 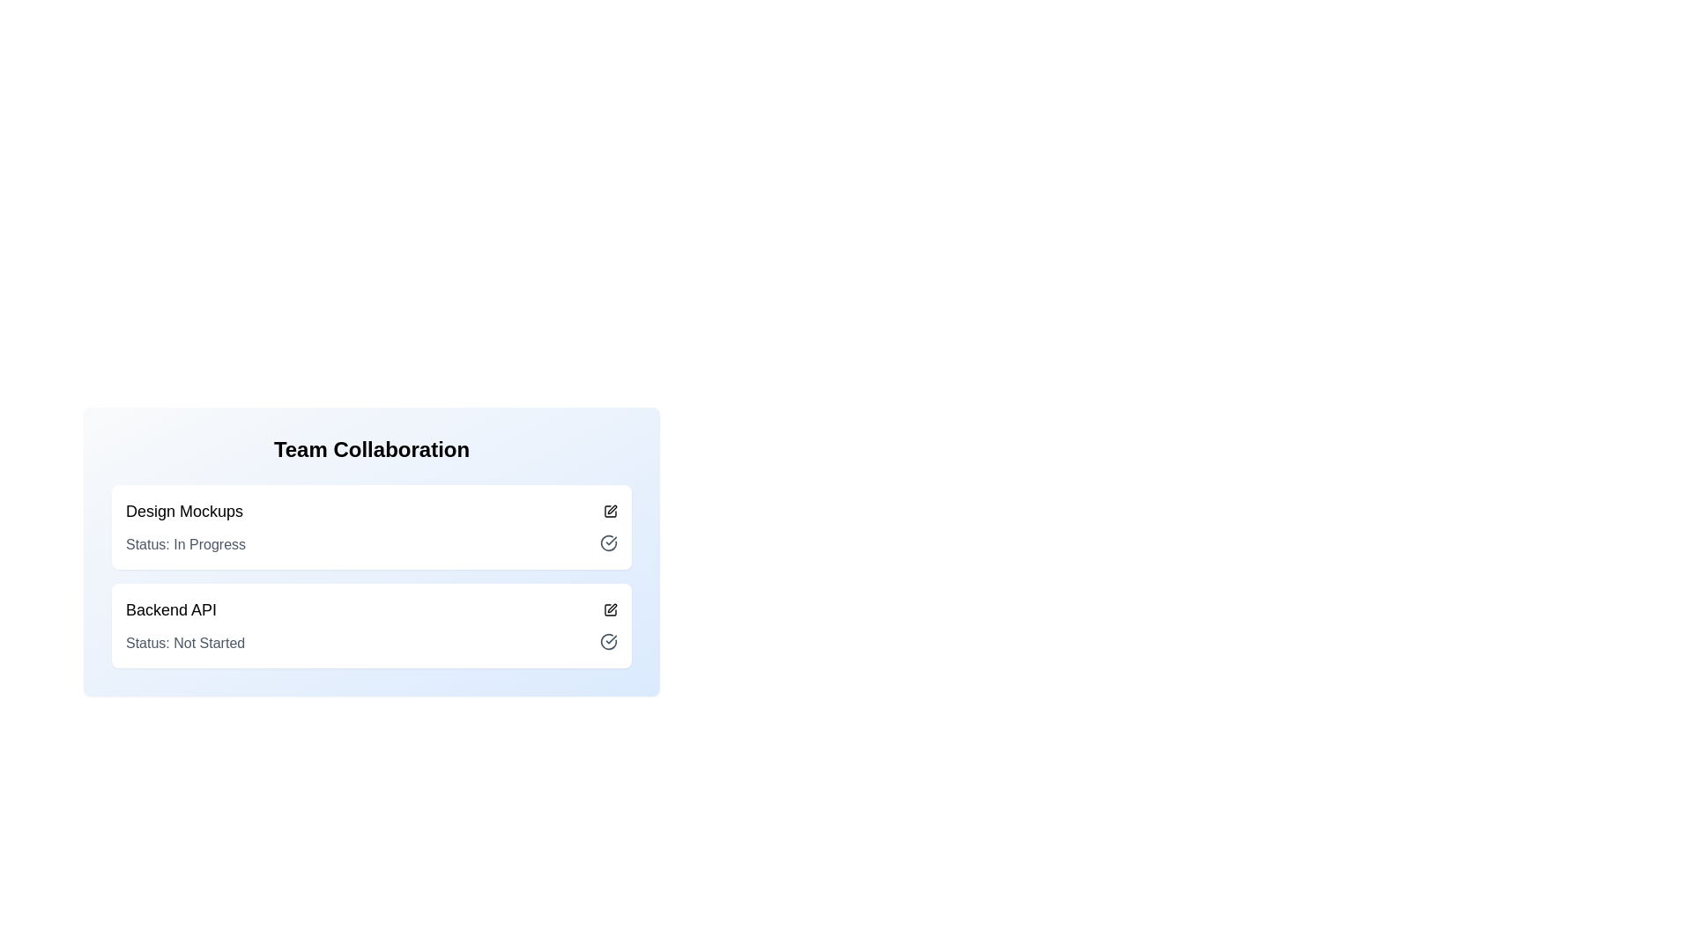 What do you see at coordinates (612, 509) in the screenshot?
I see `the edit button, which is a small graphical icon resembling a pen or pencil located on the right-hand side of the 'Design Mockups' section next to a checkmark icon` at bounding box center [612, 509].